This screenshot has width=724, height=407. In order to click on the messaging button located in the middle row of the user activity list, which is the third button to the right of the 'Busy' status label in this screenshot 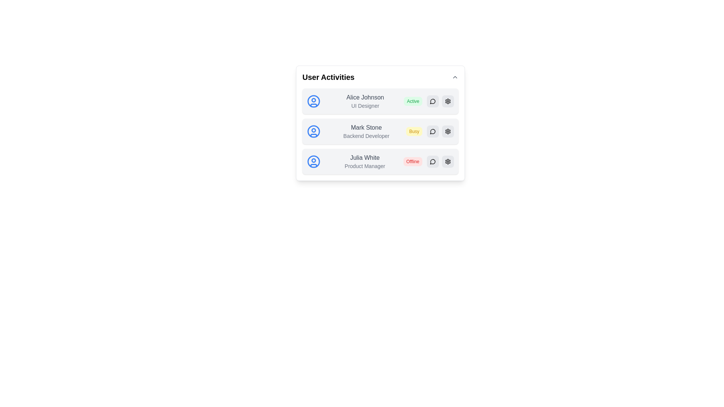, I will do `click(433, 131)`.